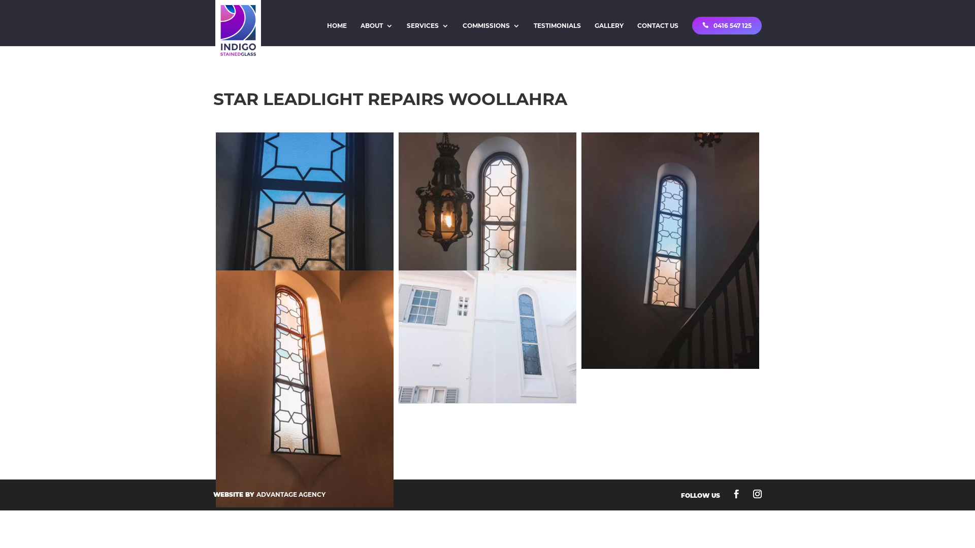 The width and height of the screenshot is (975, 548). Describe the element at coordinates (557, 33) in the screenshot. I see `'TESTIMONIALS'` at that location.